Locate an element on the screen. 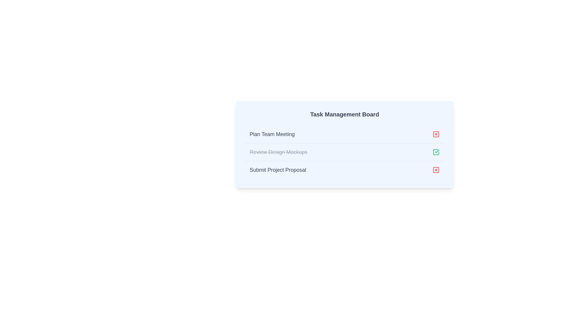 Image resolution: width=562 pixels, height=316 pixels. the red-themed cancel or delete icon button located to the right of the 'Submit Project Proposal' text label is located at coordinates (436, 170).